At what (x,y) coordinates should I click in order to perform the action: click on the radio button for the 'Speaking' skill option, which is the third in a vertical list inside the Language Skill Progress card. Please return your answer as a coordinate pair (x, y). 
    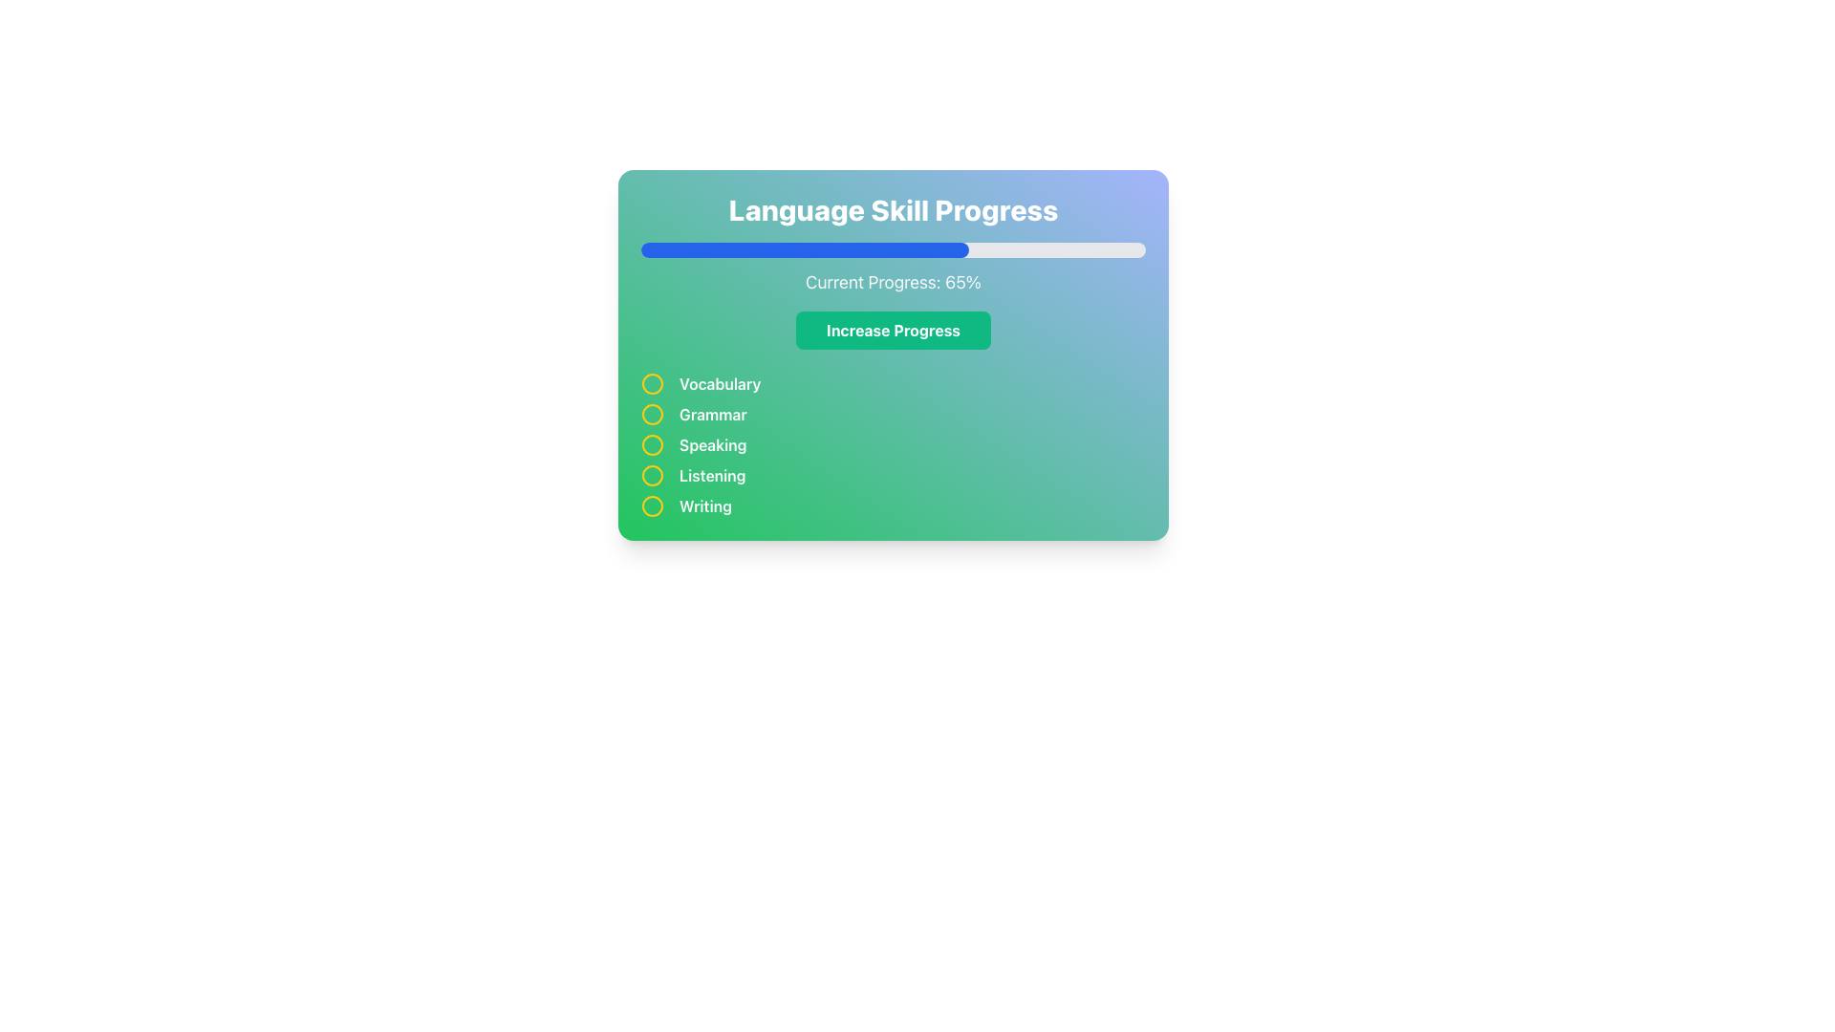
    Looking at the image, I should click on (652, 445).